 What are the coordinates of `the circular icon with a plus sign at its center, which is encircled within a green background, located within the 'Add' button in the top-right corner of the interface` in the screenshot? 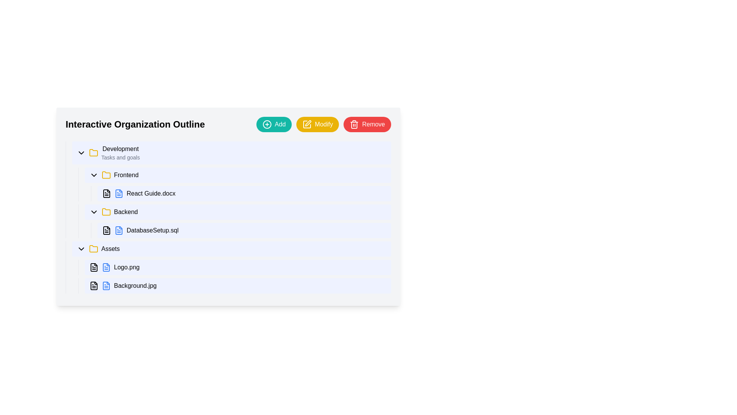 It's located at (267, 124).